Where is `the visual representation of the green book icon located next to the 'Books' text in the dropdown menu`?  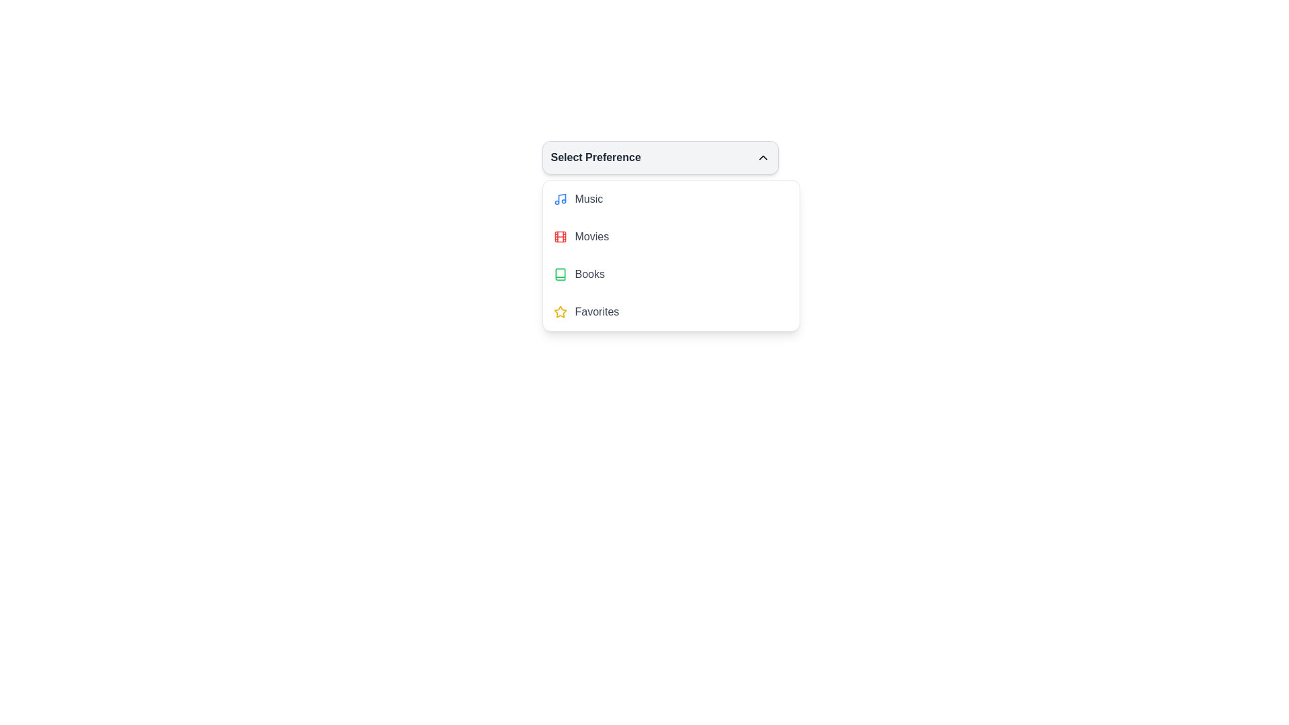 the visual representation of the green book icon located next to the 'Books' text in the dropdown menu is located at coordinates (560, 273).